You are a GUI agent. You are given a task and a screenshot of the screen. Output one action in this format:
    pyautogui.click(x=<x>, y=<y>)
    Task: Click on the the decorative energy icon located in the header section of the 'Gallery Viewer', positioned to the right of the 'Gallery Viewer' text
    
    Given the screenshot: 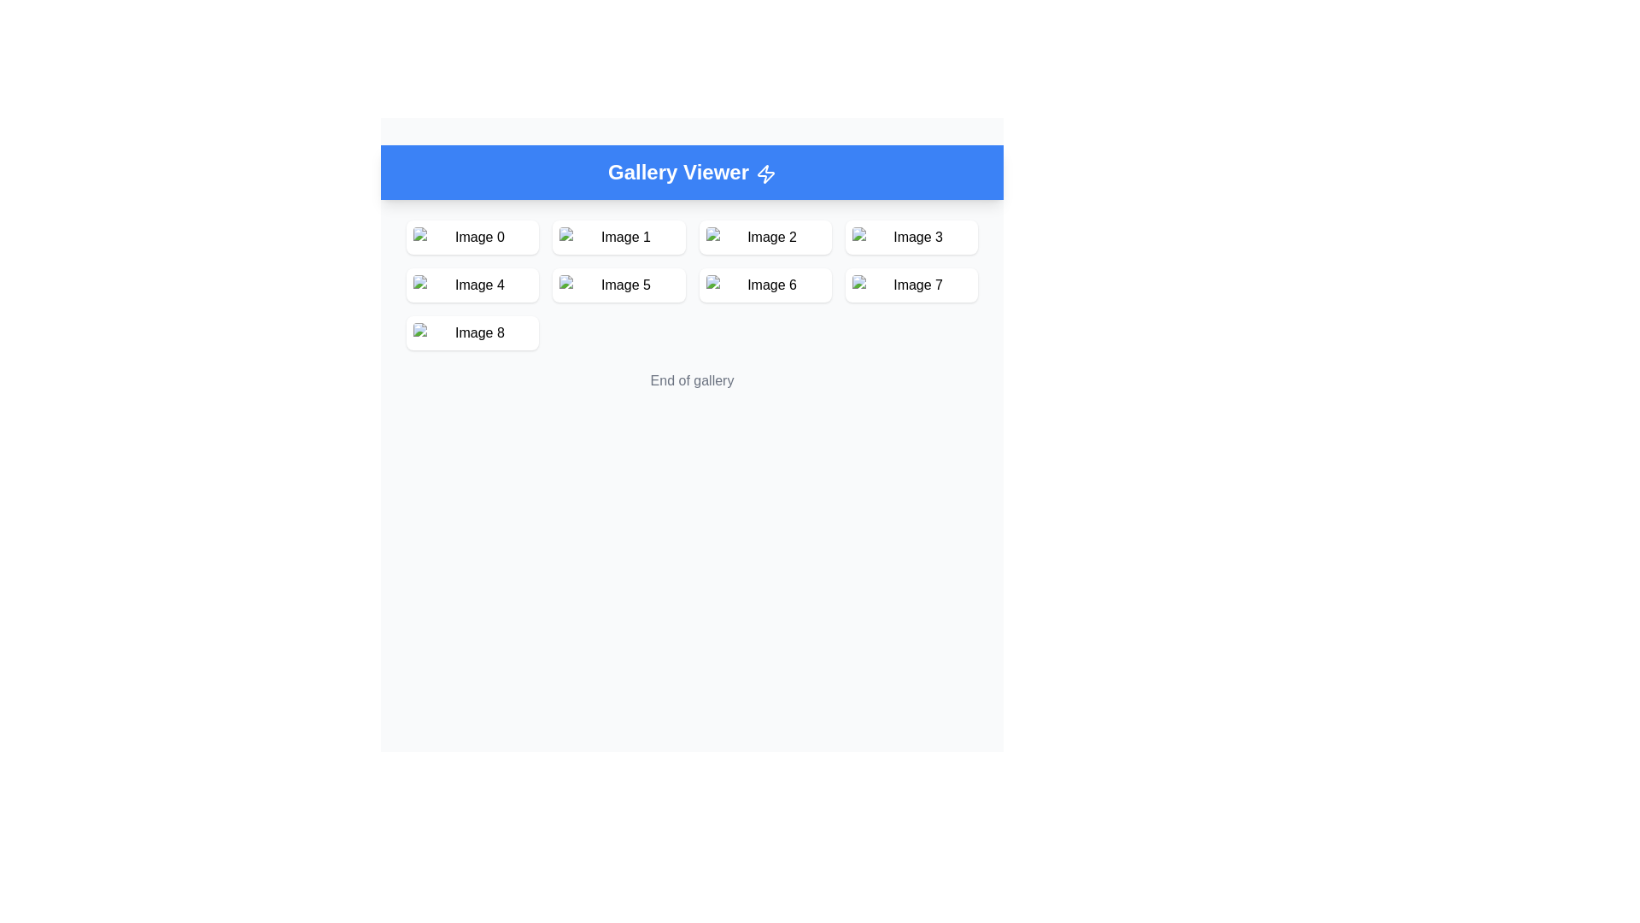 What is the action you would take?
    pyautogui.click(x=765, y=173)
    